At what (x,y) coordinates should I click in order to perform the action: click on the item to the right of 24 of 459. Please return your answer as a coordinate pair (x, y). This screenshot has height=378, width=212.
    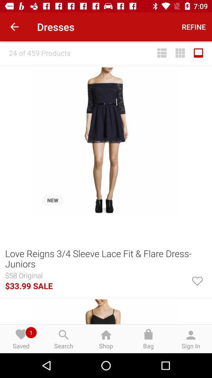
    Looking at the image, I should click on (161, 52).